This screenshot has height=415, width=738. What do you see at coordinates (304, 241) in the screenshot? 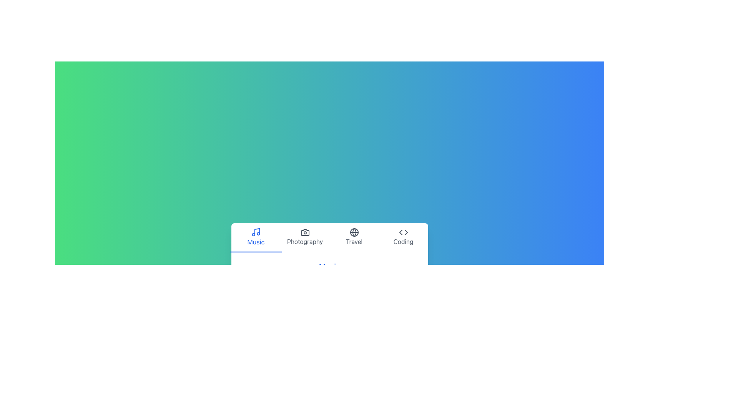
I see `the text label displaying 'Photography', which is part of the navigation bar positioned below the camera icon` at bounding box center [304, 241].